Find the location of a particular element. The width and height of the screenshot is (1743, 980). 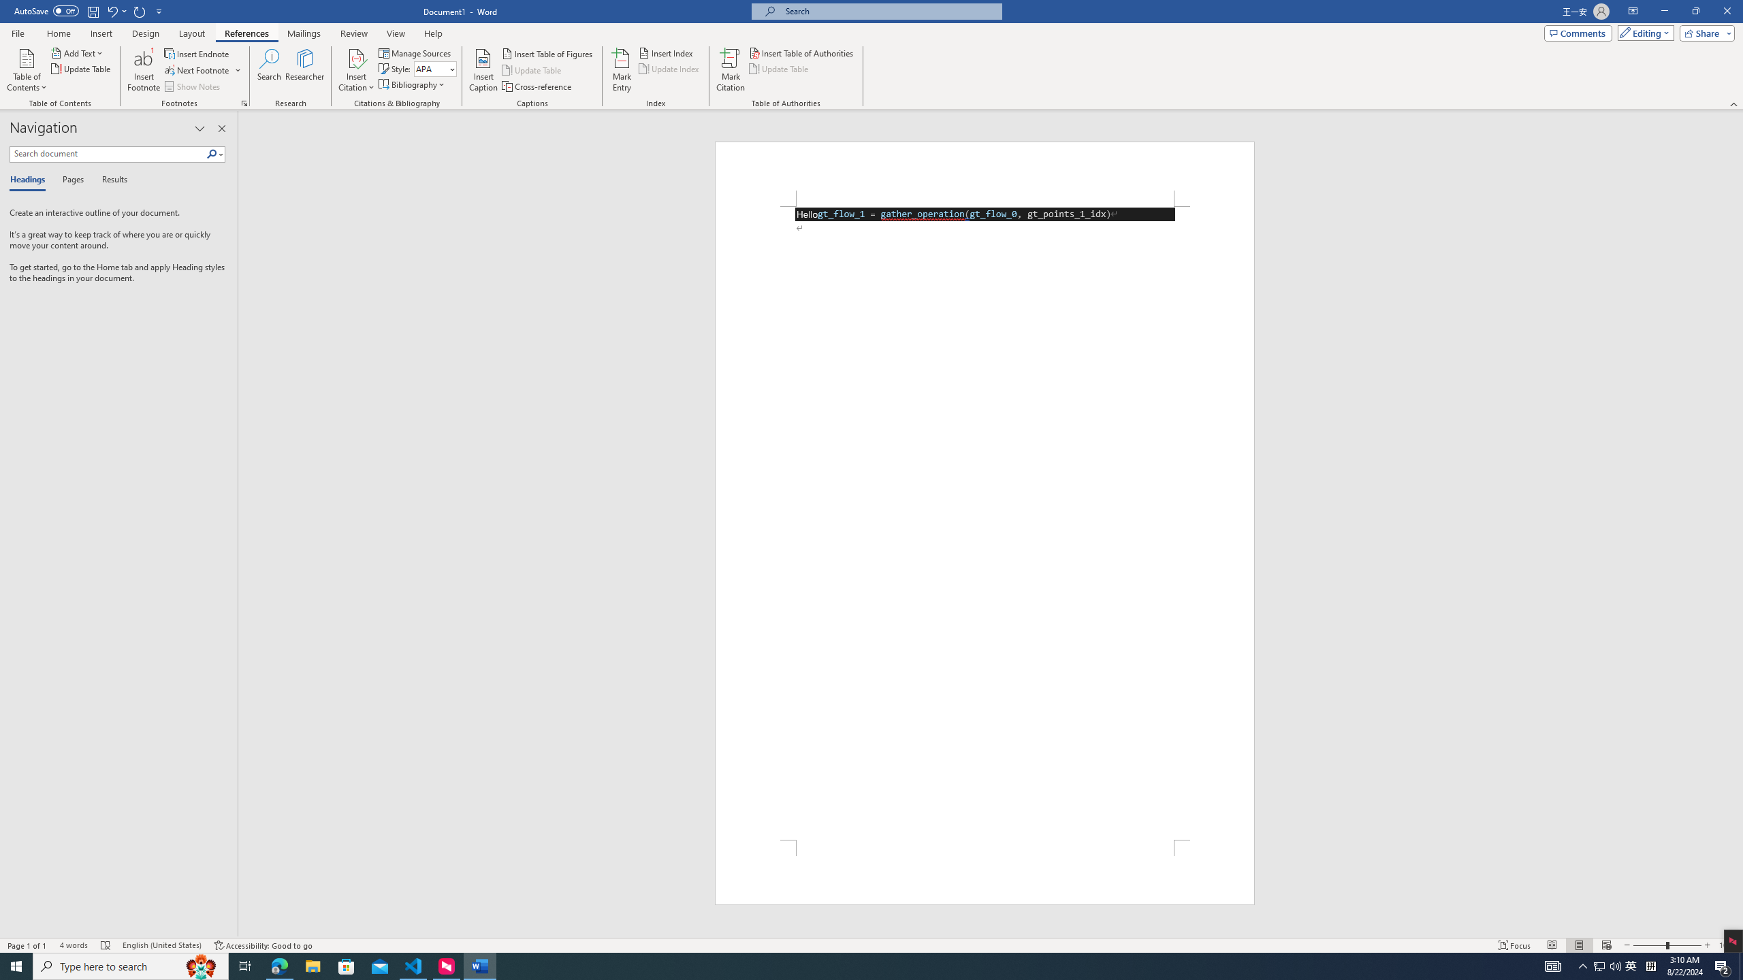

'Table of Contents' is located at coordinates (26, 70).